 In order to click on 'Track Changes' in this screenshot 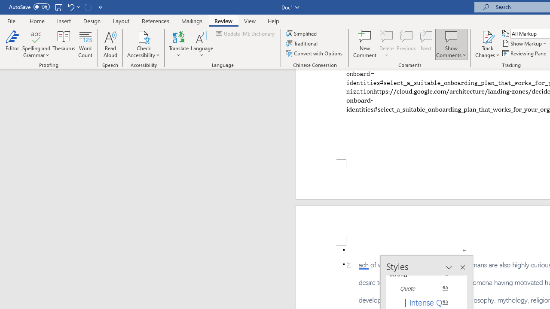, I will do `click(487, 44)`.